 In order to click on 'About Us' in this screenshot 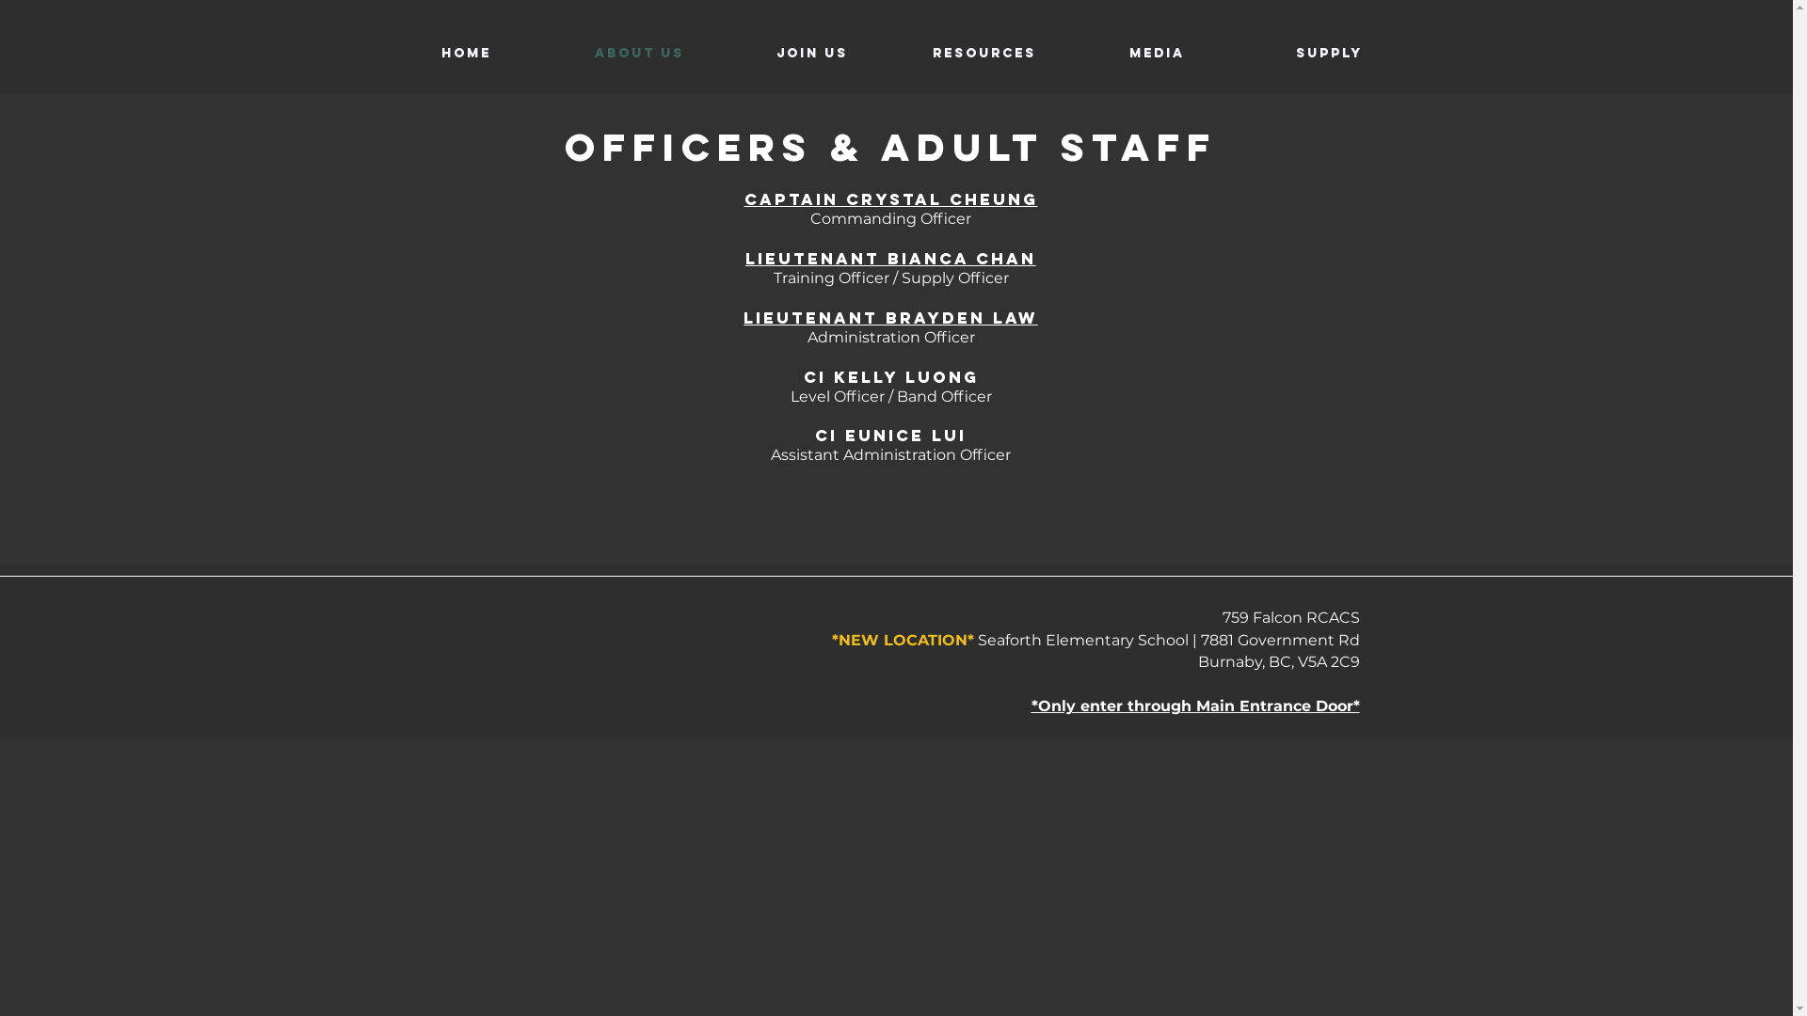, I will do `click(552, 53)`.